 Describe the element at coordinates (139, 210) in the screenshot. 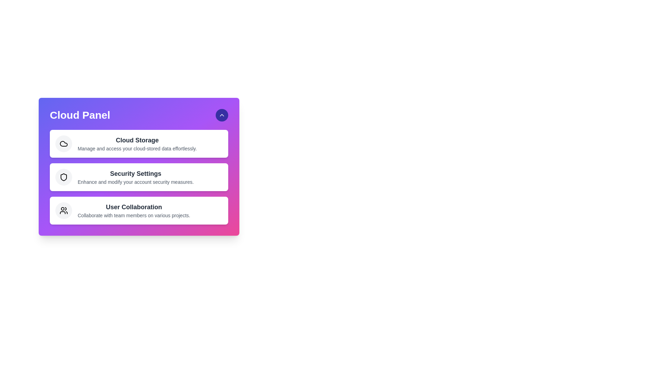

I see `the 'User Collaboration' option to access its details` at that location.